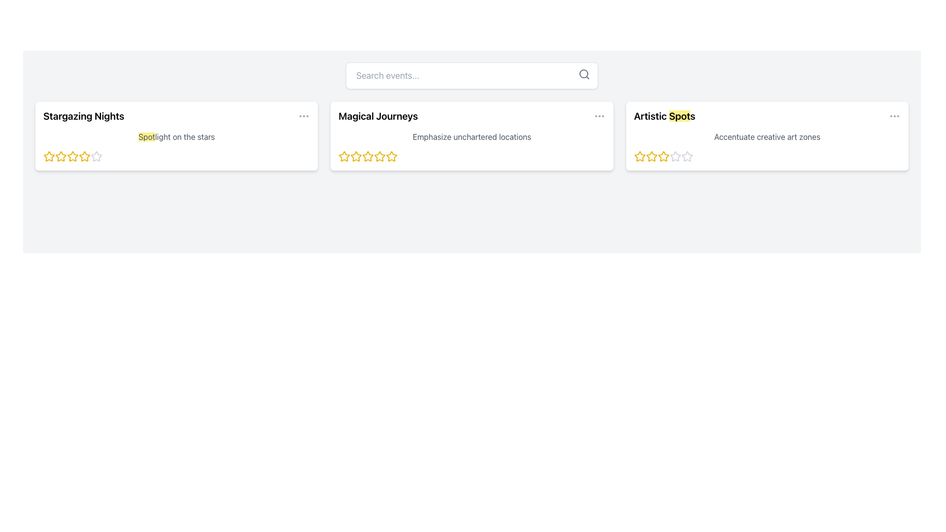 This screenshot has height=532, width=946. Describe the element at coordinates (391, 156) in the screenshot. I see `the yellow-colored star icon with a hollow center, which is the fifth star in the rating component under the 'Magical Journeys' card` at that location.